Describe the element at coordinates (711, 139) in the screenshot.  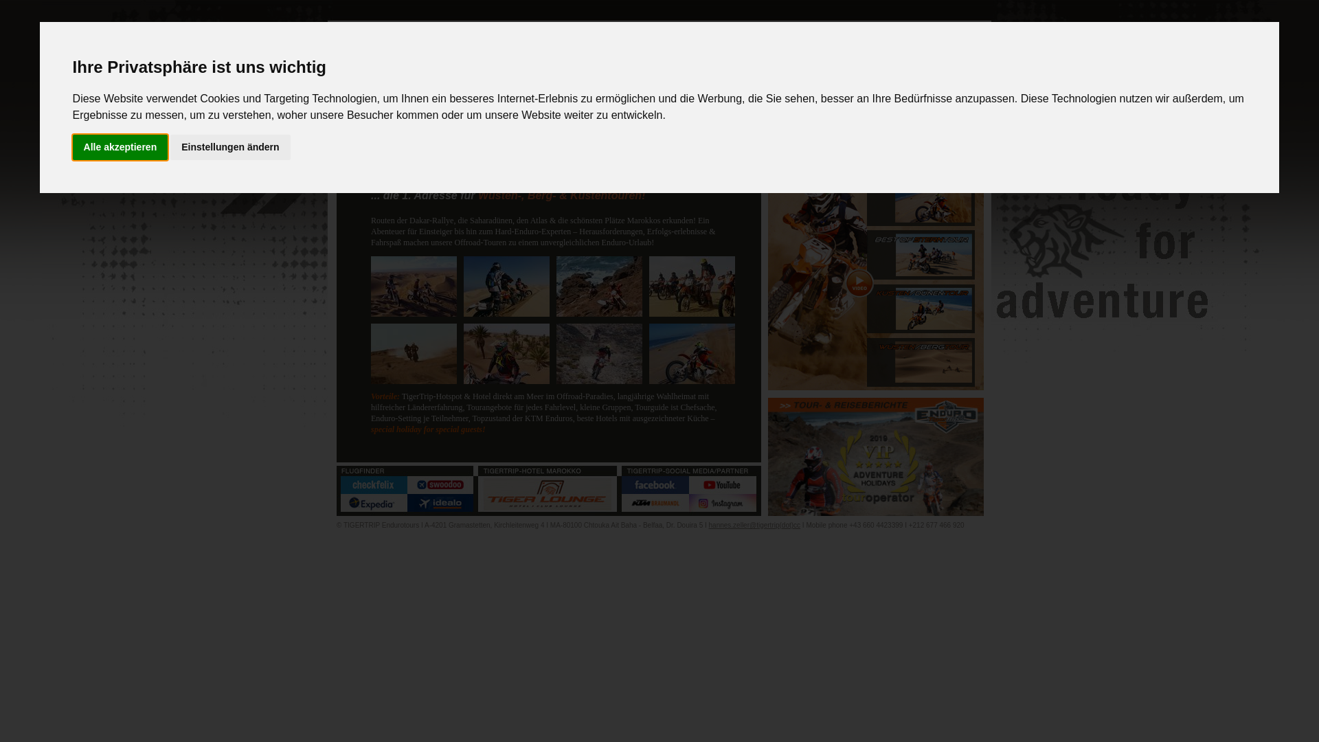
I see `'TERMINE/BUCHEN'` at that location.